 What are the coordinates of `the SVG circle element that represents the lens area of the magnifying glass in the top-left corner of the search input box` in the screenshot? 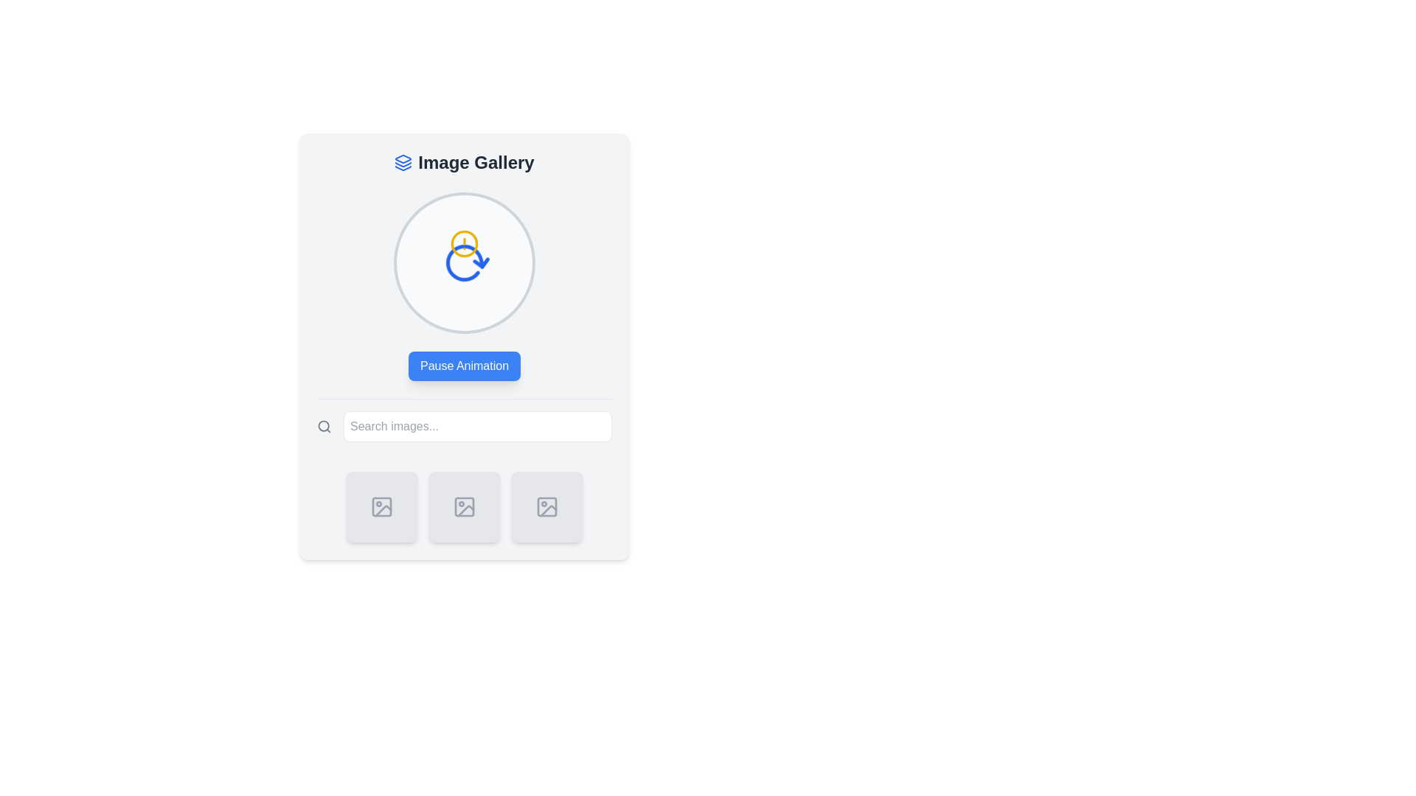 It's located at (323, 426).